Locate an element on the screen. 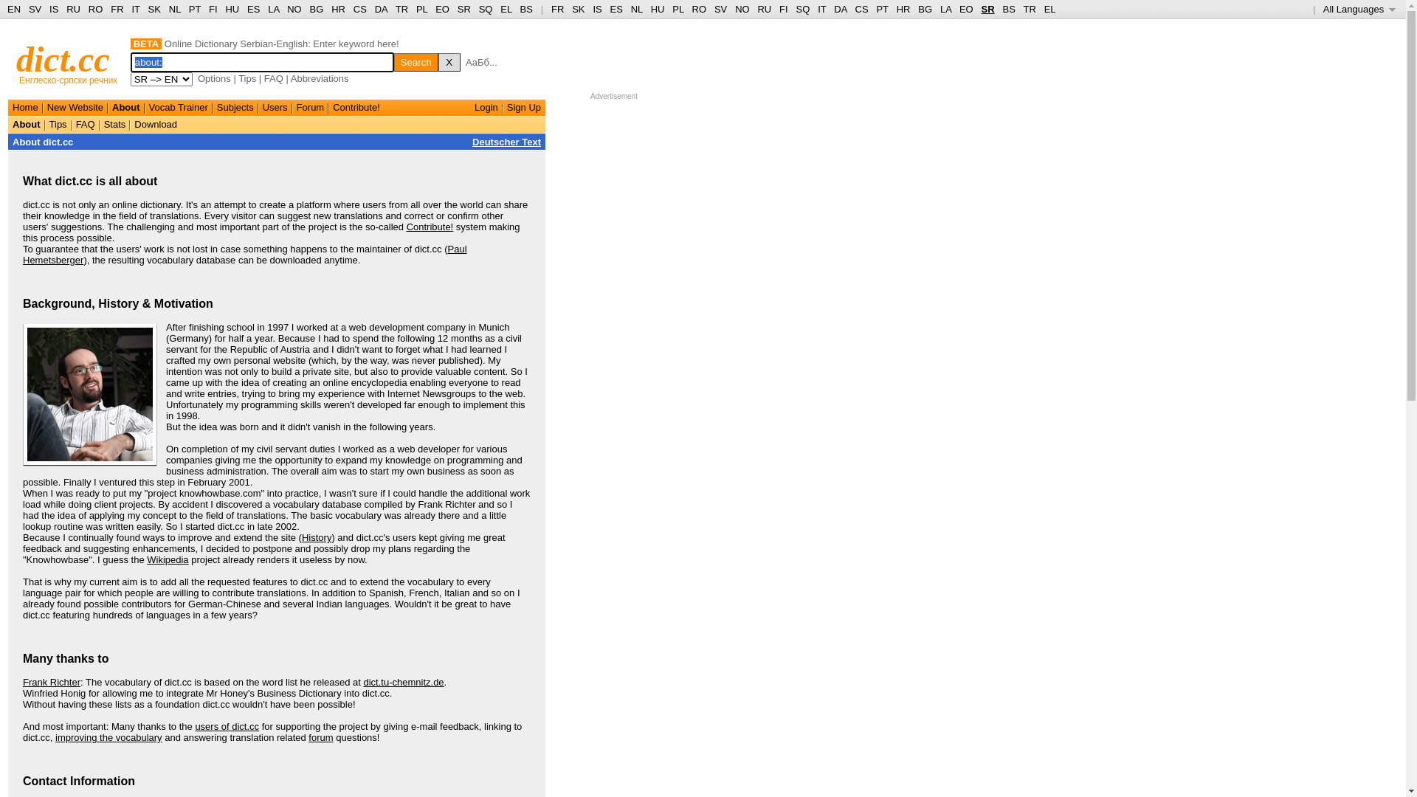 The image size is (1417, 797). 'RU' is located at coordinates (764, 9).